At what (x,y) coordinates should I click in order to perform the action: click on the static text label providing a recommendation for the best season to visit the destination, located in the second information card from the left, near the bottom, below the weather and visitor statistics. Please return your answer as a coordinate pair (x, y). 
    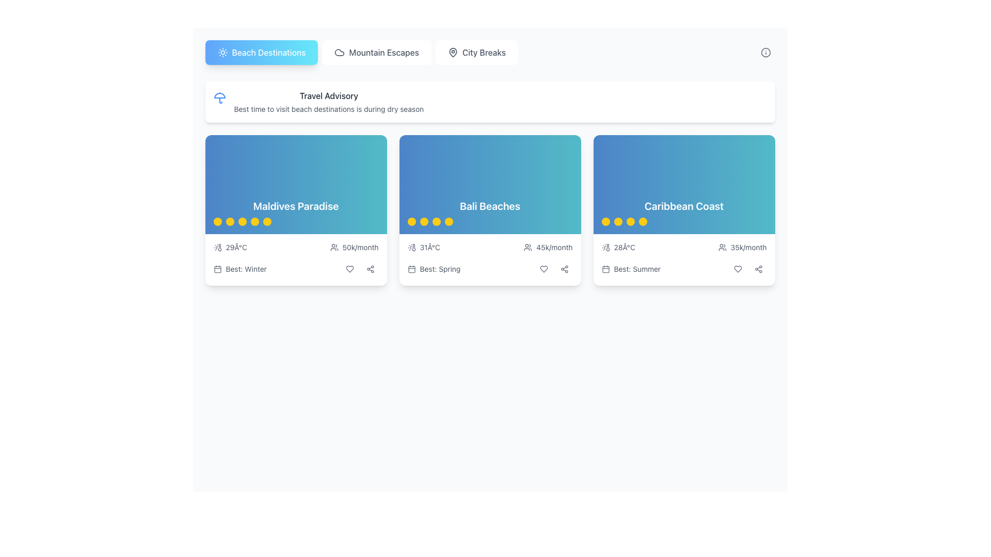
    Looking at the image, I should click on (440, 268).